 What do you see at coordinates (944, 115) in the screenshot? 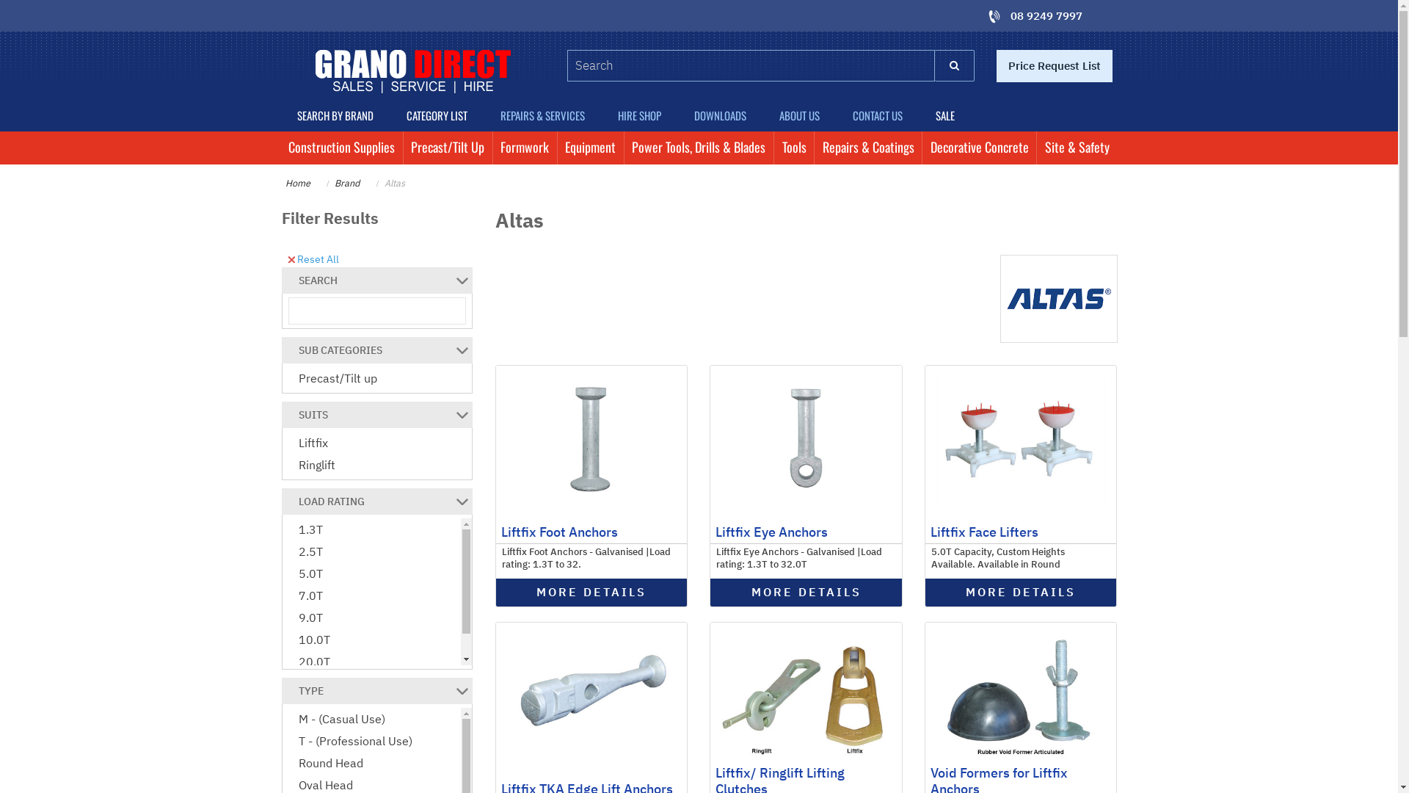
I see `'SALE'` at bounding box center [944, 115].